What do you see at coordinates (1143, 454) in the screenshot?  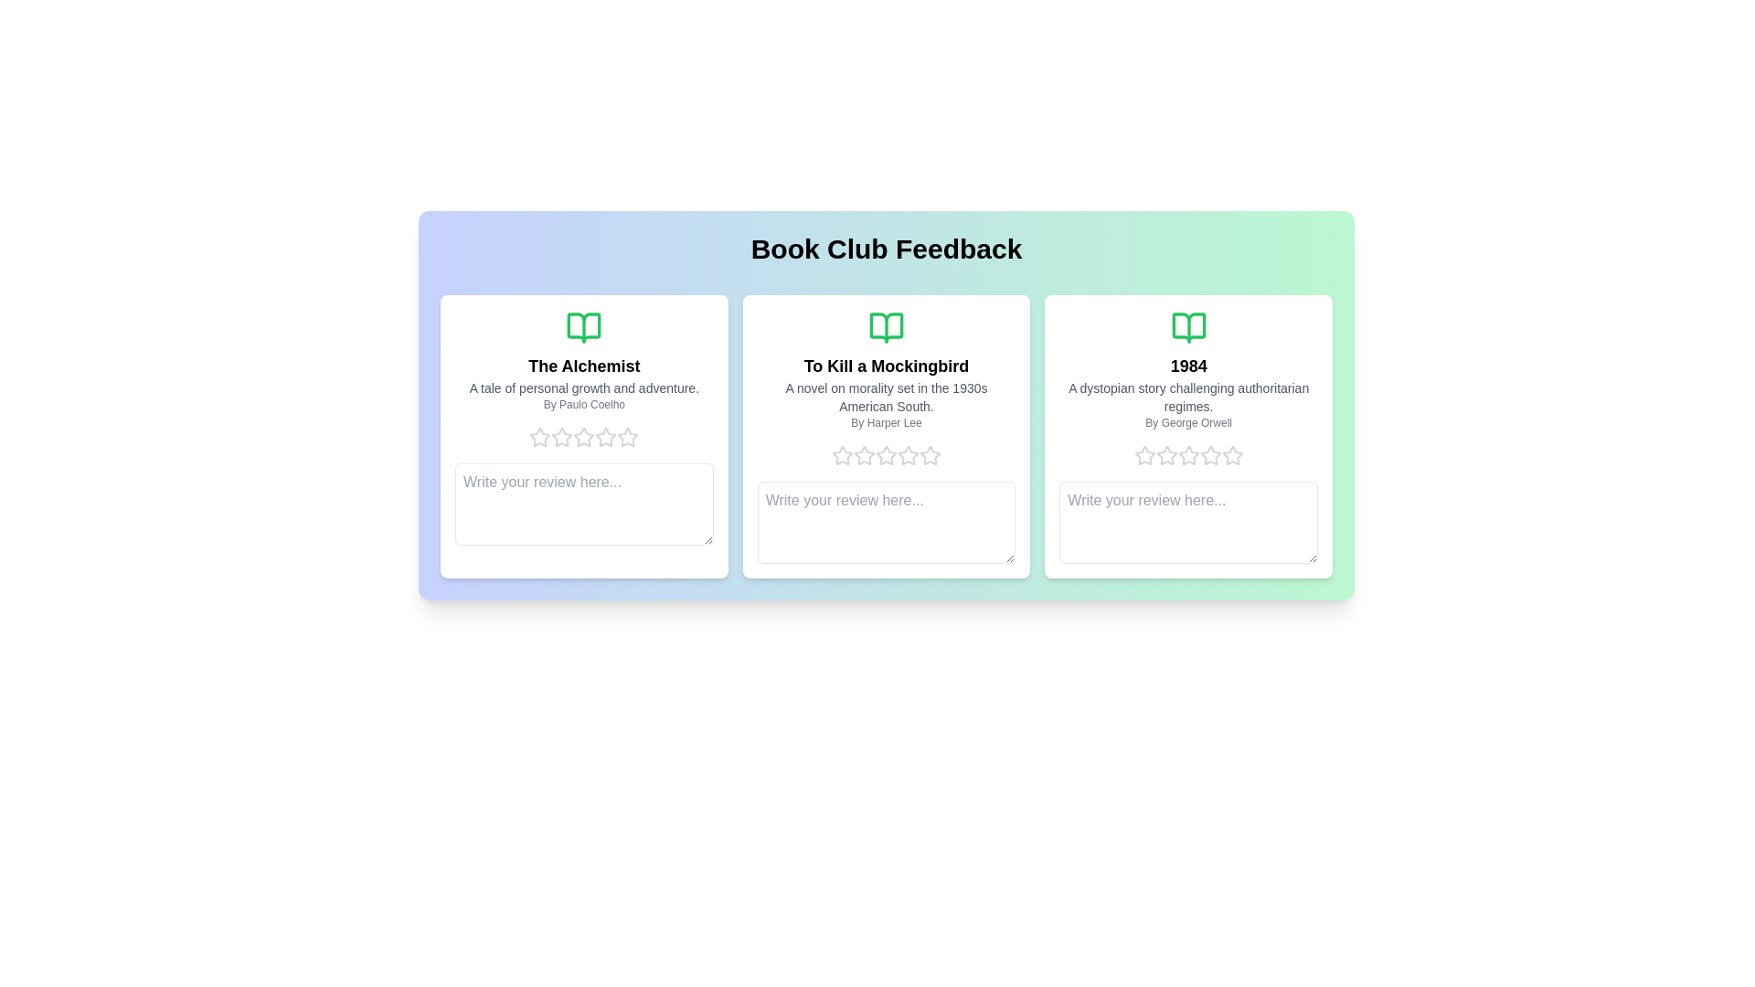 I see `the first star in the Interactive Rating Icon series` at bounding box center [1143, 454].